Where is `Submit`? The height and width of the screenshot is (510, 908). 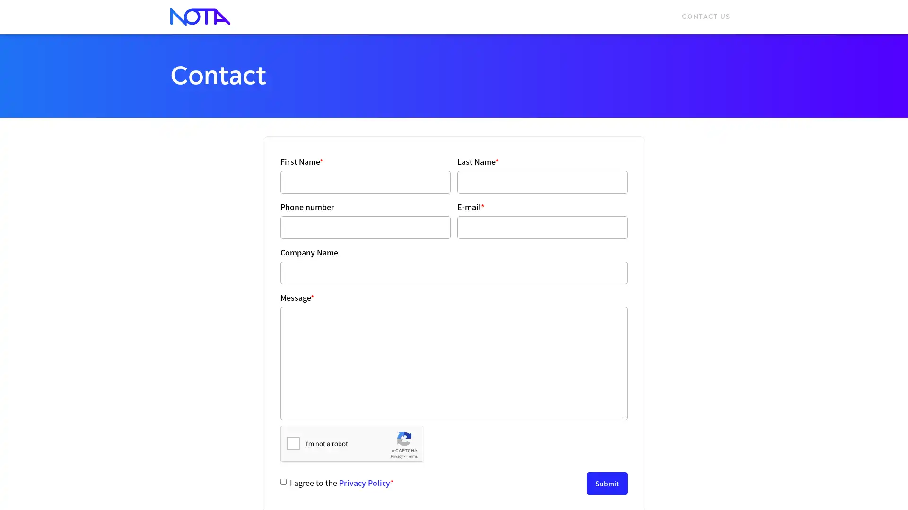
Submit is located at coordinates (607, 483).